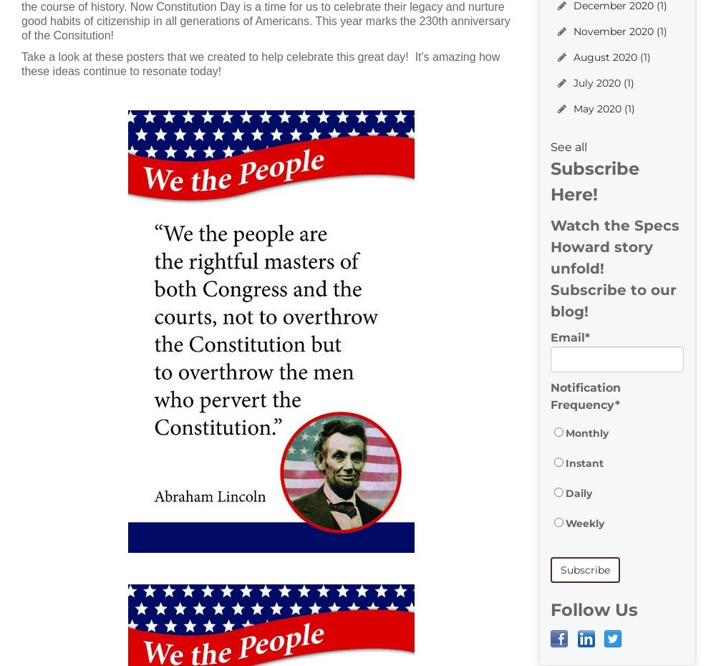 This screenshot has height=666, width=716. Describe the element at coordinates (21, 64) in the screenshot. I see `'Take a look at these posters that we created to help celebrate this great day!  It's amazing how these ideas continue to resonate today!'` at that location.